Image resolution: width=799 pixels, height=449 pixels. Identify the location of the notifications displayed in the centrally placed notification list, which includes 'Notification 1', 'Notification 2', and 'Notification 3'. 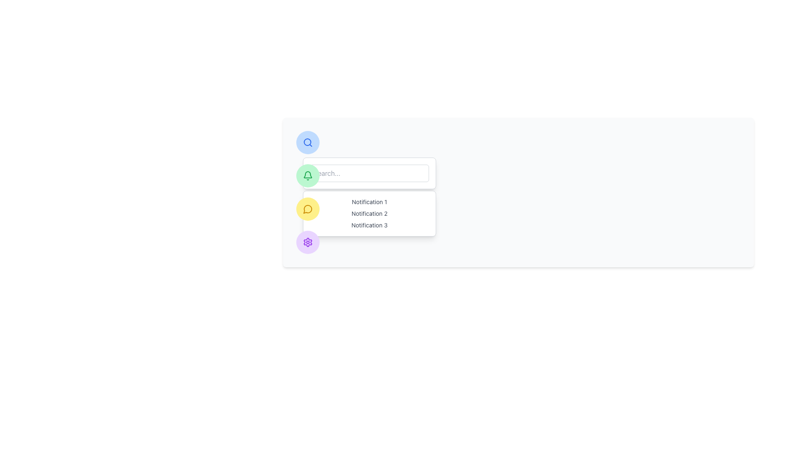
(369, 213).